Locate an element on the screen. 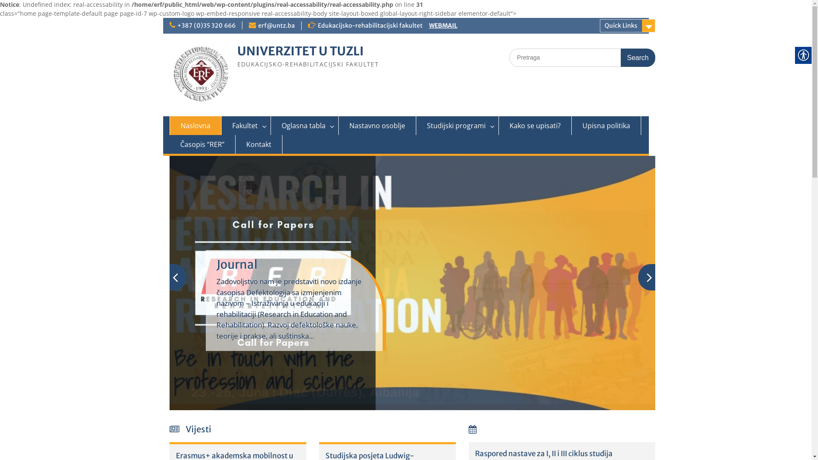 Image resolution: width=818 pixels, height=460 pixels. 'Quick Links' is located at coordinates (628, 25).